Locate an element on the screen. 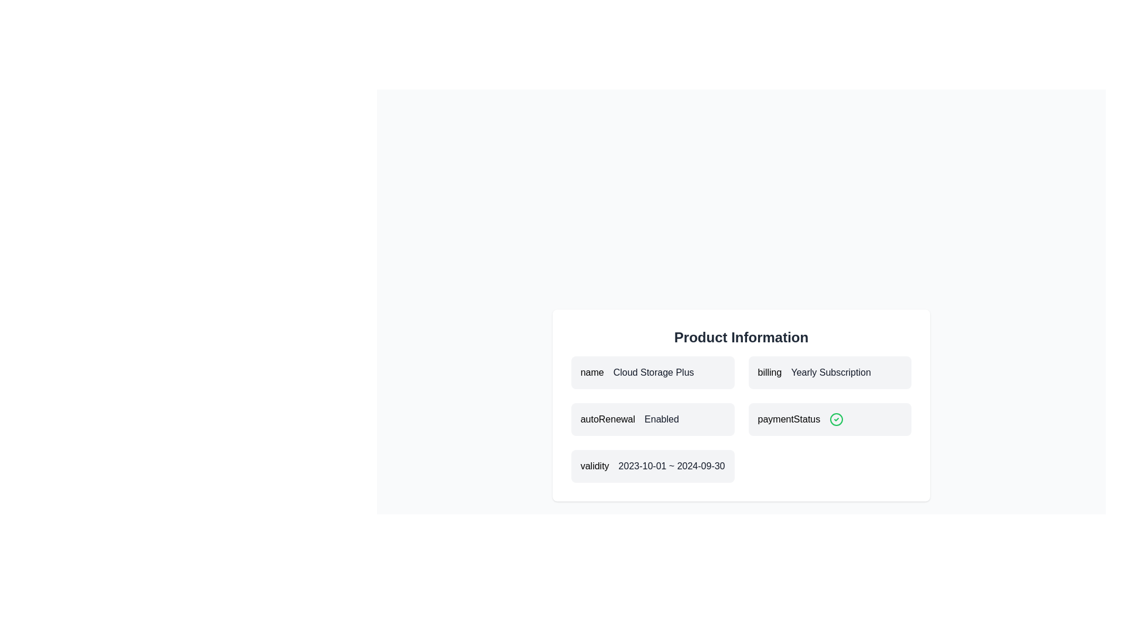  the Text Display Group that displays the name and title of the product or service, located in the top-left section under 'Product Information' is located at coordinates (652, 372).